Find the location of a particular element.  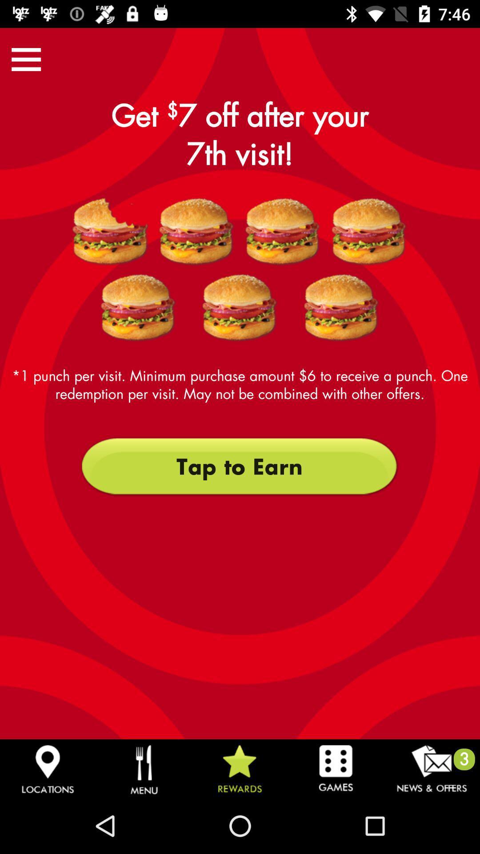

tap to earn item is located at coordinates (239, 466).